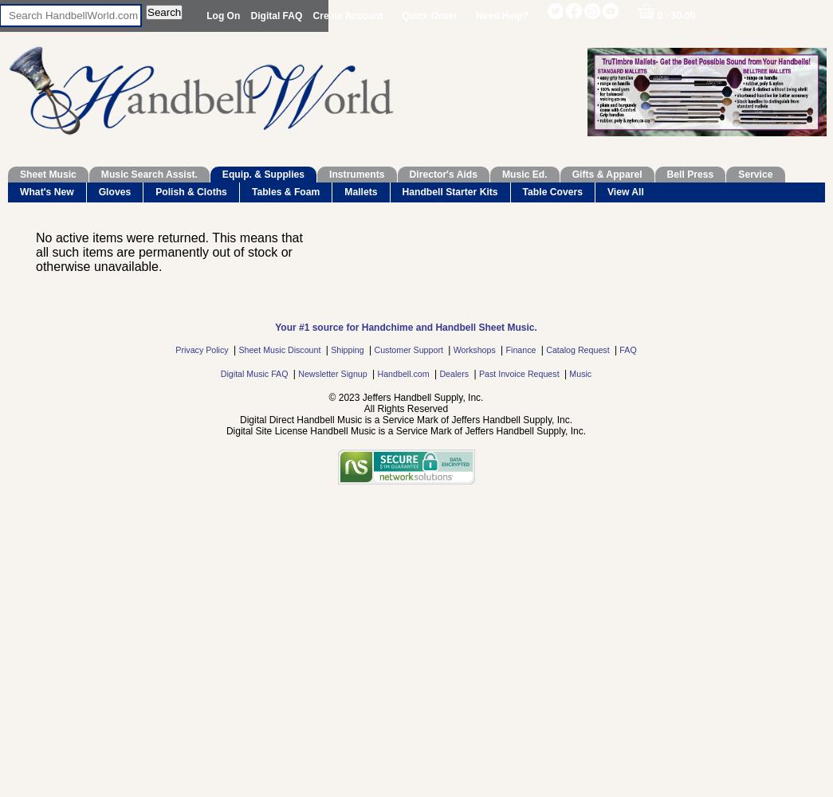 The height and width of the screenshot is (797, 833). Describe the element at coordinates (405, 420) in the screenshot. I see `'Digital Direct Handbell Music is a Service Mark of Jeffers Handbell Supply, Inc.'` at that location.